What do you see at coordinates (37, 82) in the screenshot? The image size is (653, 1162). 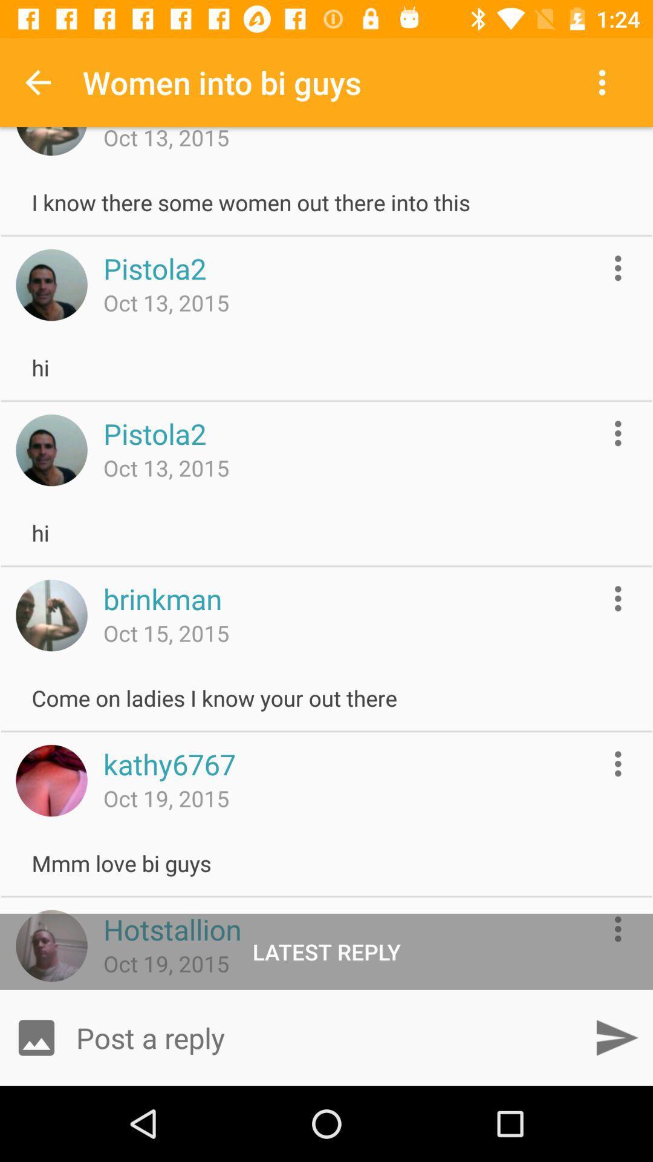 I see `the item next to the women into bi` at bounding box center [37, 82].